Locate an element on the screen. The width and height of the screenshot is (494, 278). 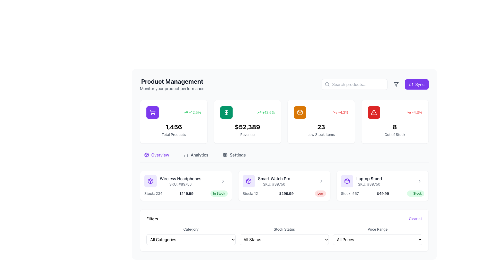
the downward trend icon adjacent to the '-4.3%' percentage value in the rightmost summary card at the top section of the interface is located at coordinates (409, 112).